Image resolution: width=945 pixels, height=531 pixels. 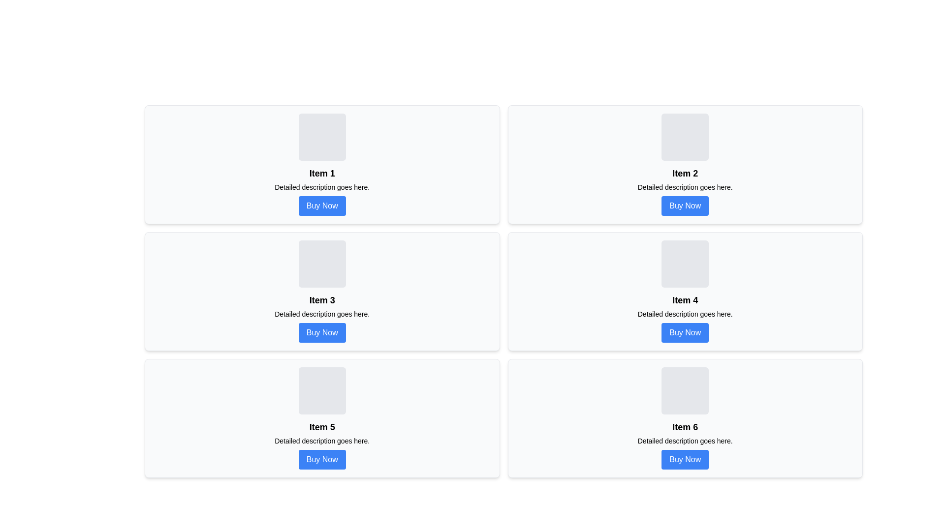 What do you see at coordinates (685, 291) in the screenshot?
I see `the fourth product card in the grid layout` at bounding box center [685, 291].